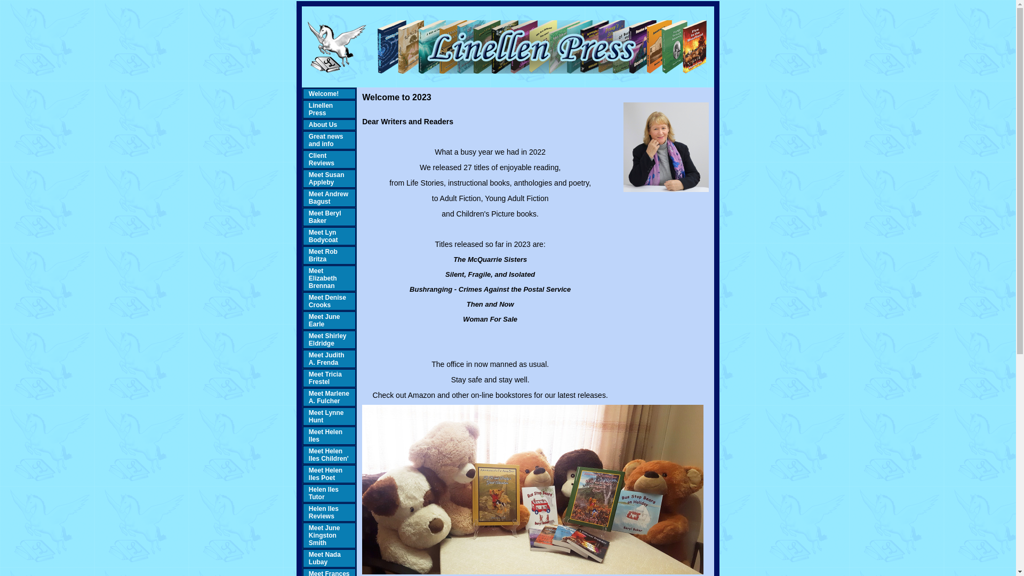  What do you see at coordinates (324, 535) in the screenshot?
I see `'Meet June Kingston Smith'` at bounding box center [324, 535].